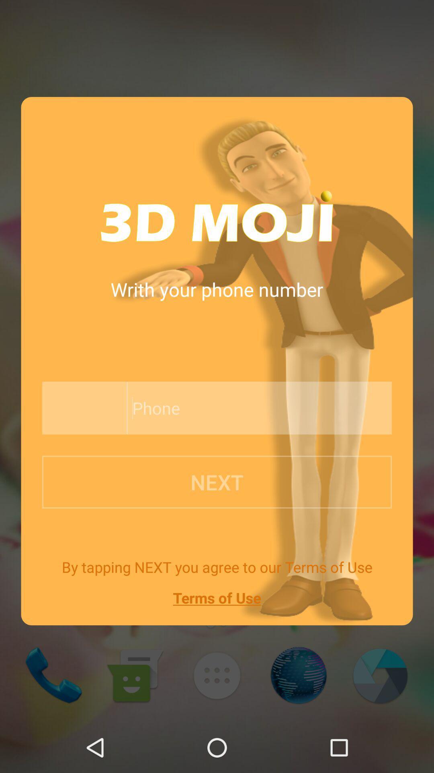  Describe the element at coordinates (240, 408) in the screenshot. I see `phone number` at that location.